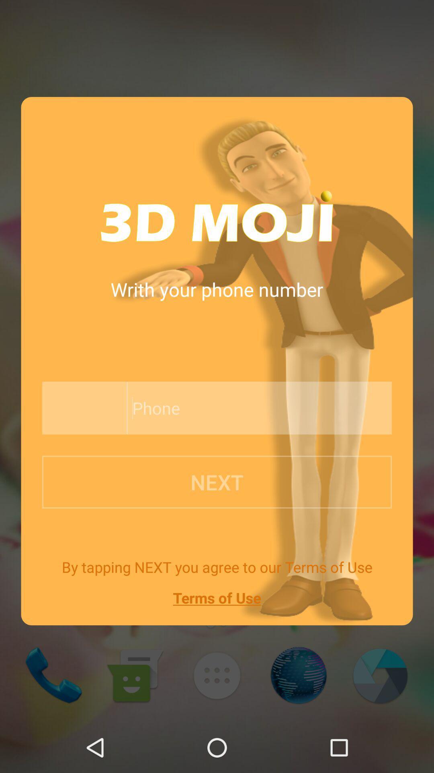  Describe the element at coordinates (240, 408) in the screenshot. I see `phone number` at that location.